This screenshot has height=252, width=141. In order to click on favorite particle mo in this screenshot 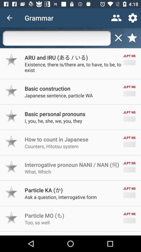, I will do `click(11, 218)`.